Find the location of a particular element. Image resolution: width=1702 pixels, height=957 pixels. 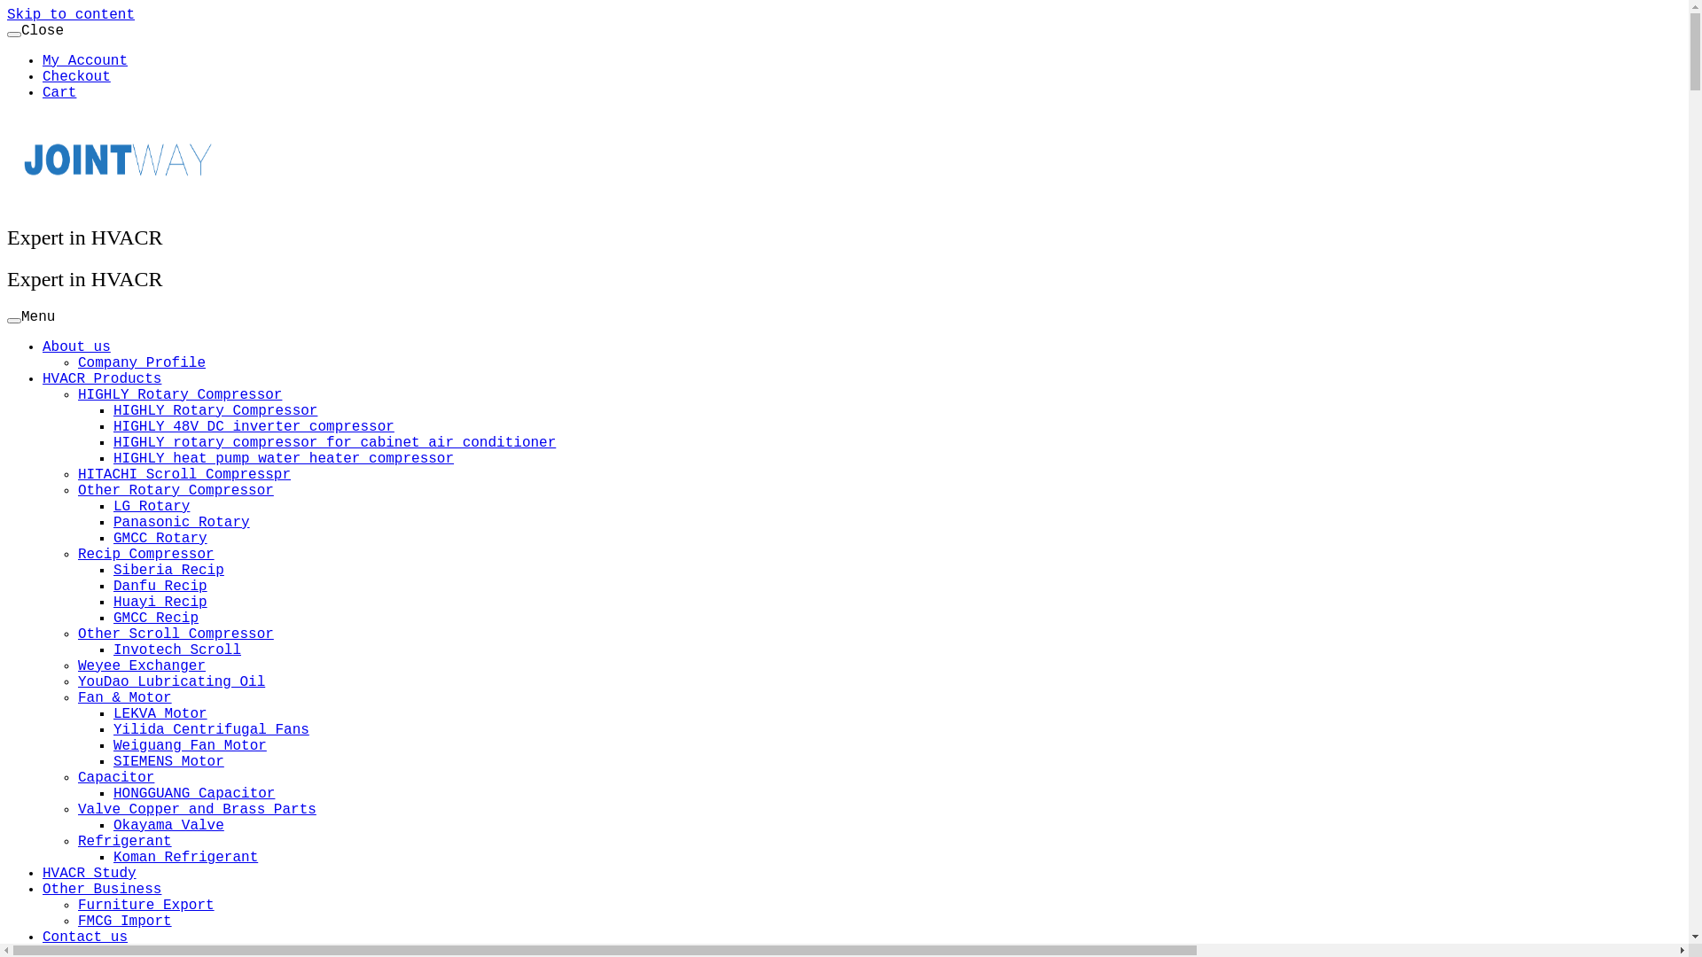

'Skip to content' is located at coordinates (71, 14).